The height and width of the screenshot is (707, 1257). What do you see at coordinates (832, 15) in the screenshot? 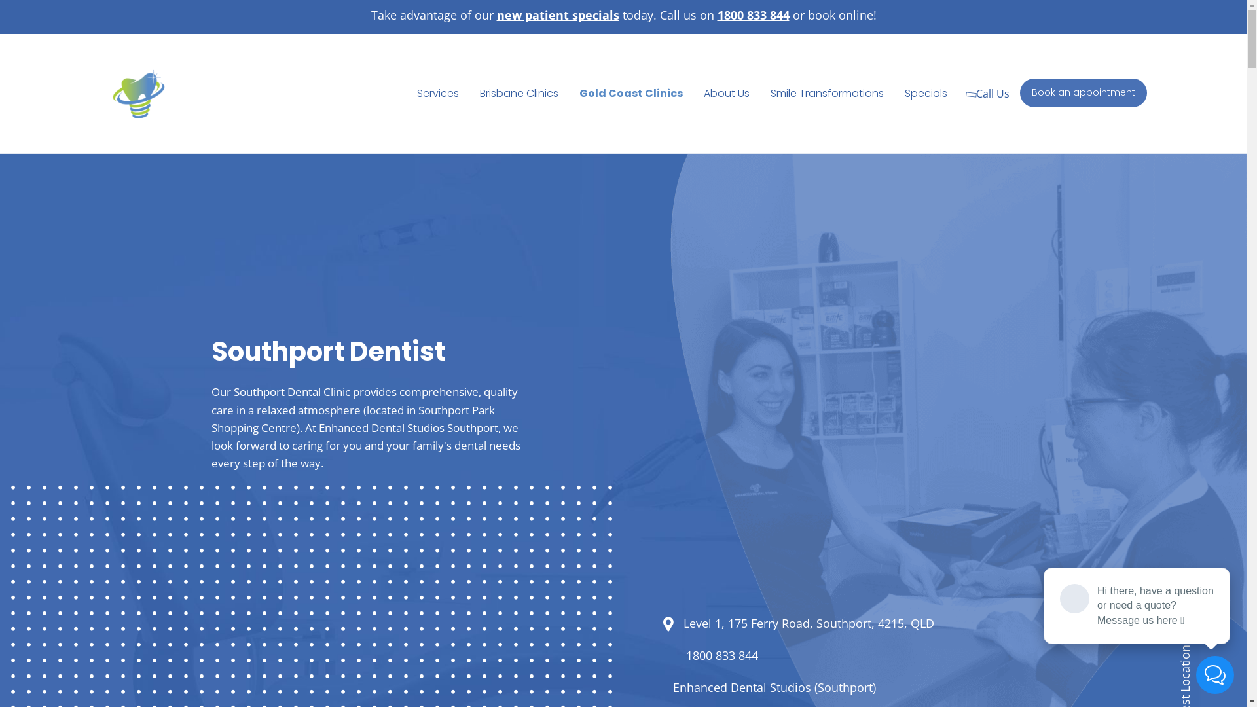
I see `'or book online!'` at bounding box center [832, 15].